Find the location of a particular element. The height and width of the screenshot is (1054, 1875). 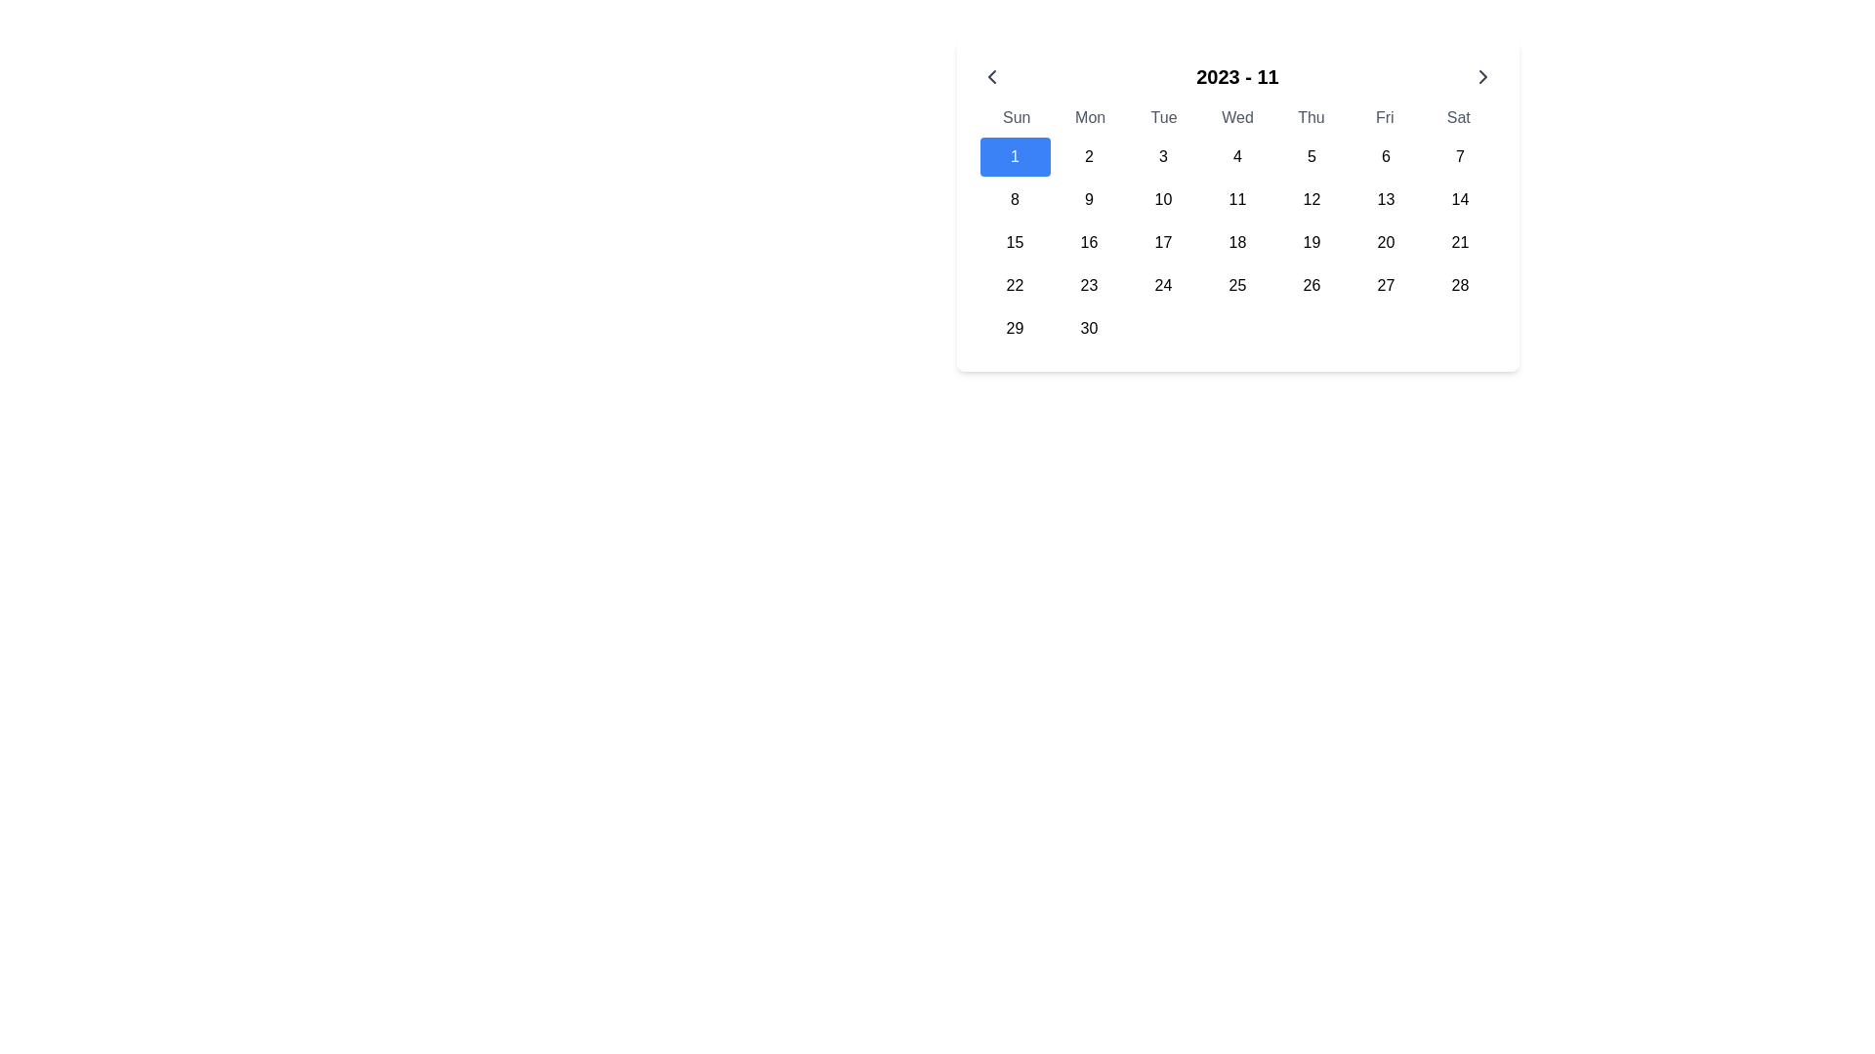

the selectable calendar day button representing the 5th day of the month is located at coordinates (1312, 156).